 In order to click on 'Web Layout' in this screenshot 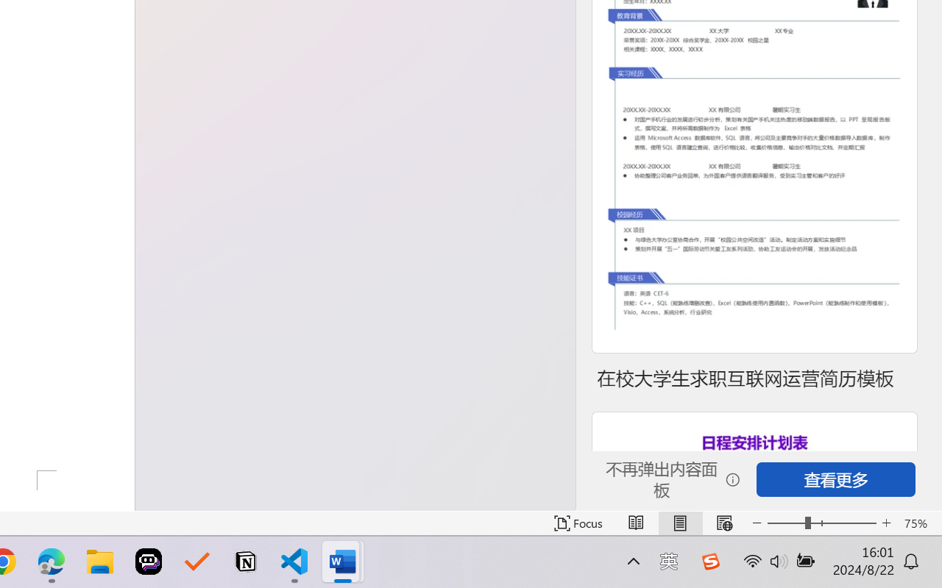, I will do `click(724, 523)`.